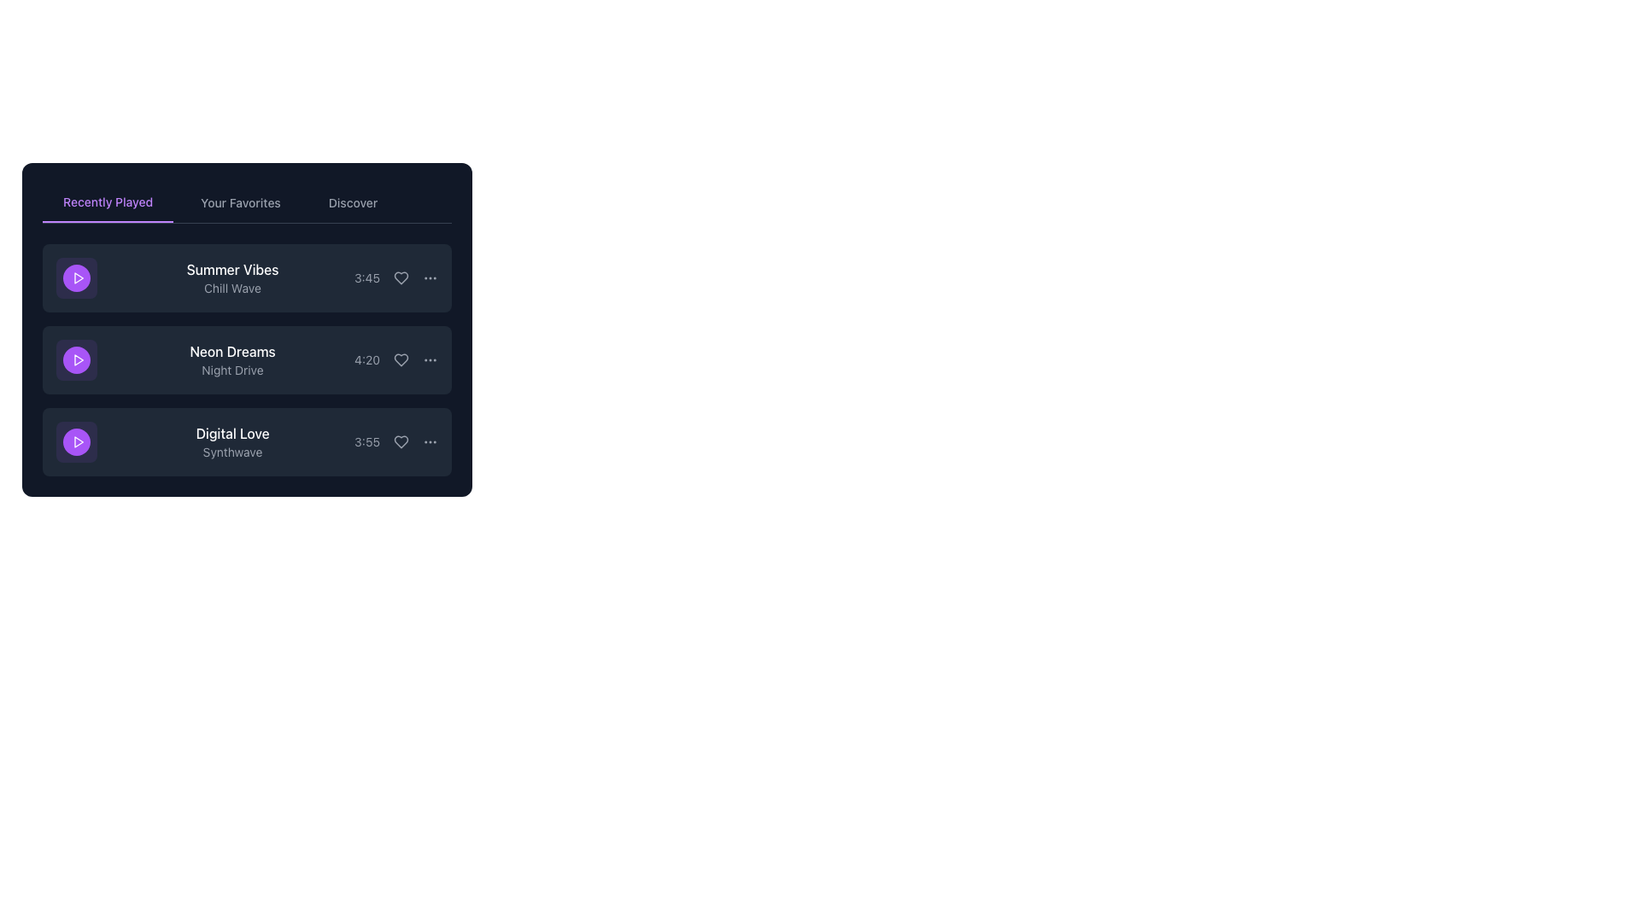 This screenshot has height=922, width=1640. Describe the element at coordinates (231, 277) in the screenshot. I see `descriptive text information from the multi-line text block located in the center-left area of the first item card in the list, which displays the title and subtitle of a music track or playlist` at that location.